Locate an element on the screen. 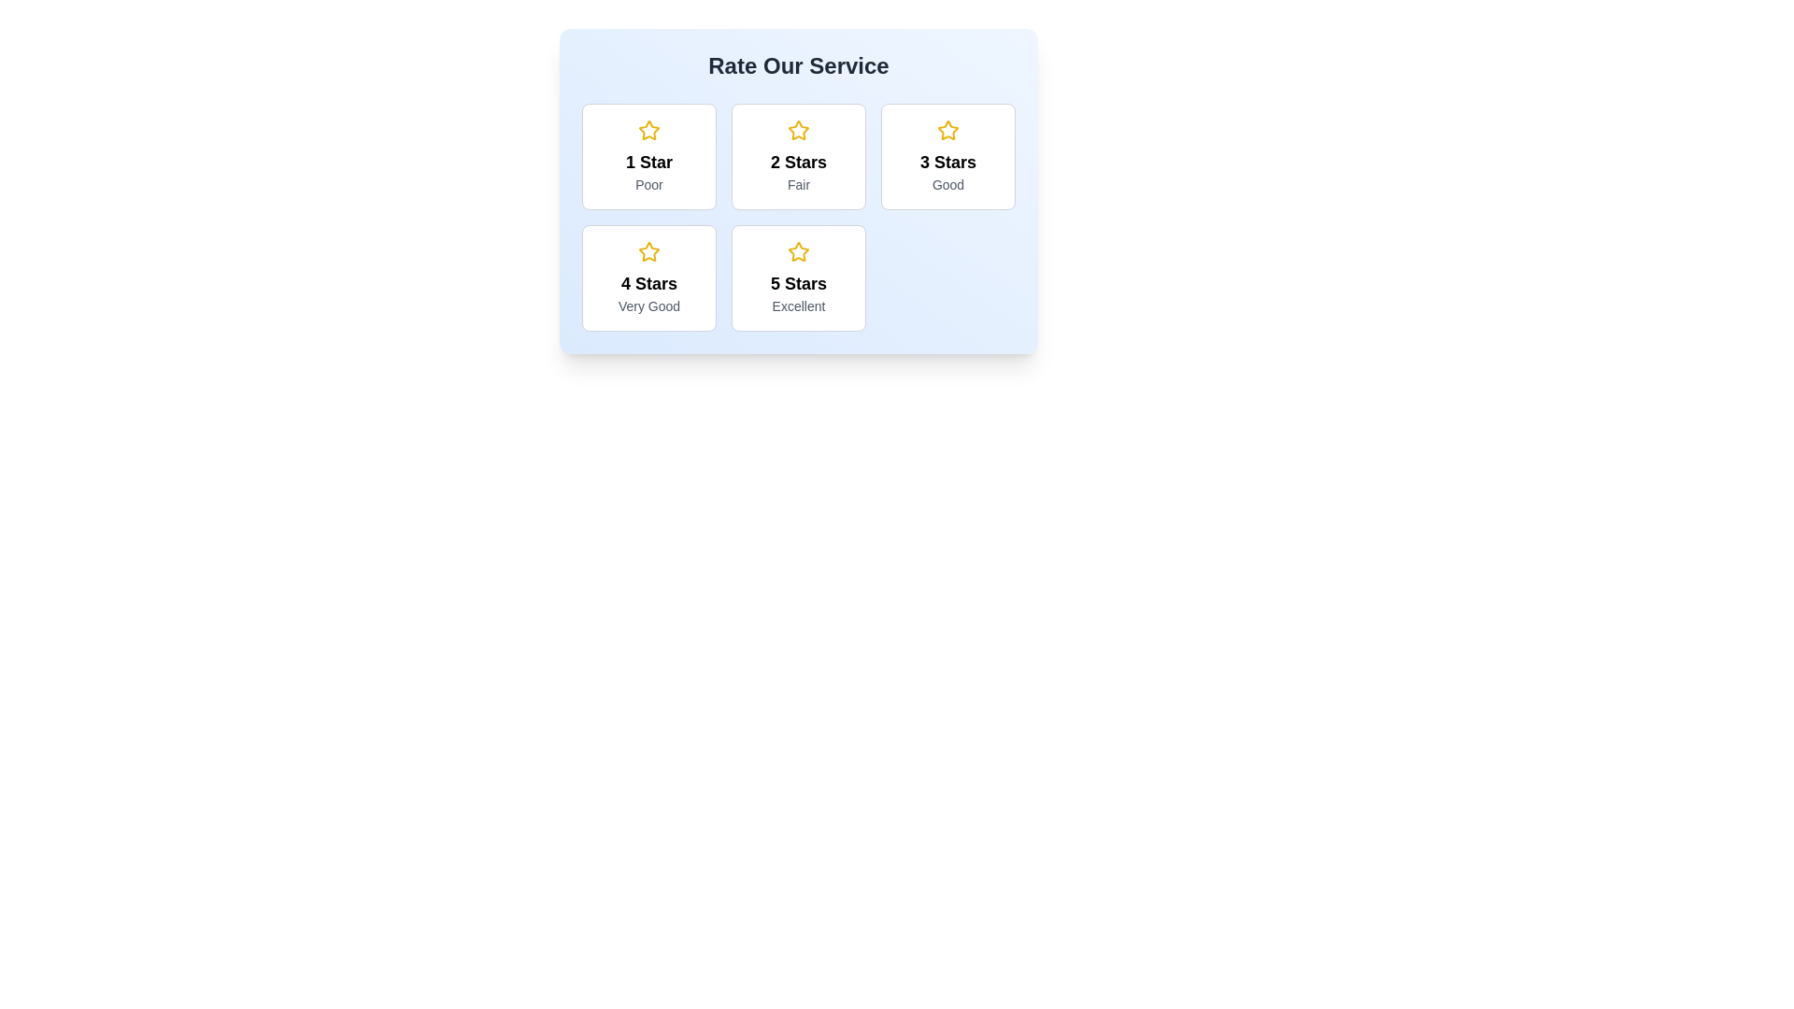  the label displaying '2 Stars' which is located in the second column of a 3x2 star rating grid, beneath the heading 'Rate Our Service' is located at coordinates (798, 161).